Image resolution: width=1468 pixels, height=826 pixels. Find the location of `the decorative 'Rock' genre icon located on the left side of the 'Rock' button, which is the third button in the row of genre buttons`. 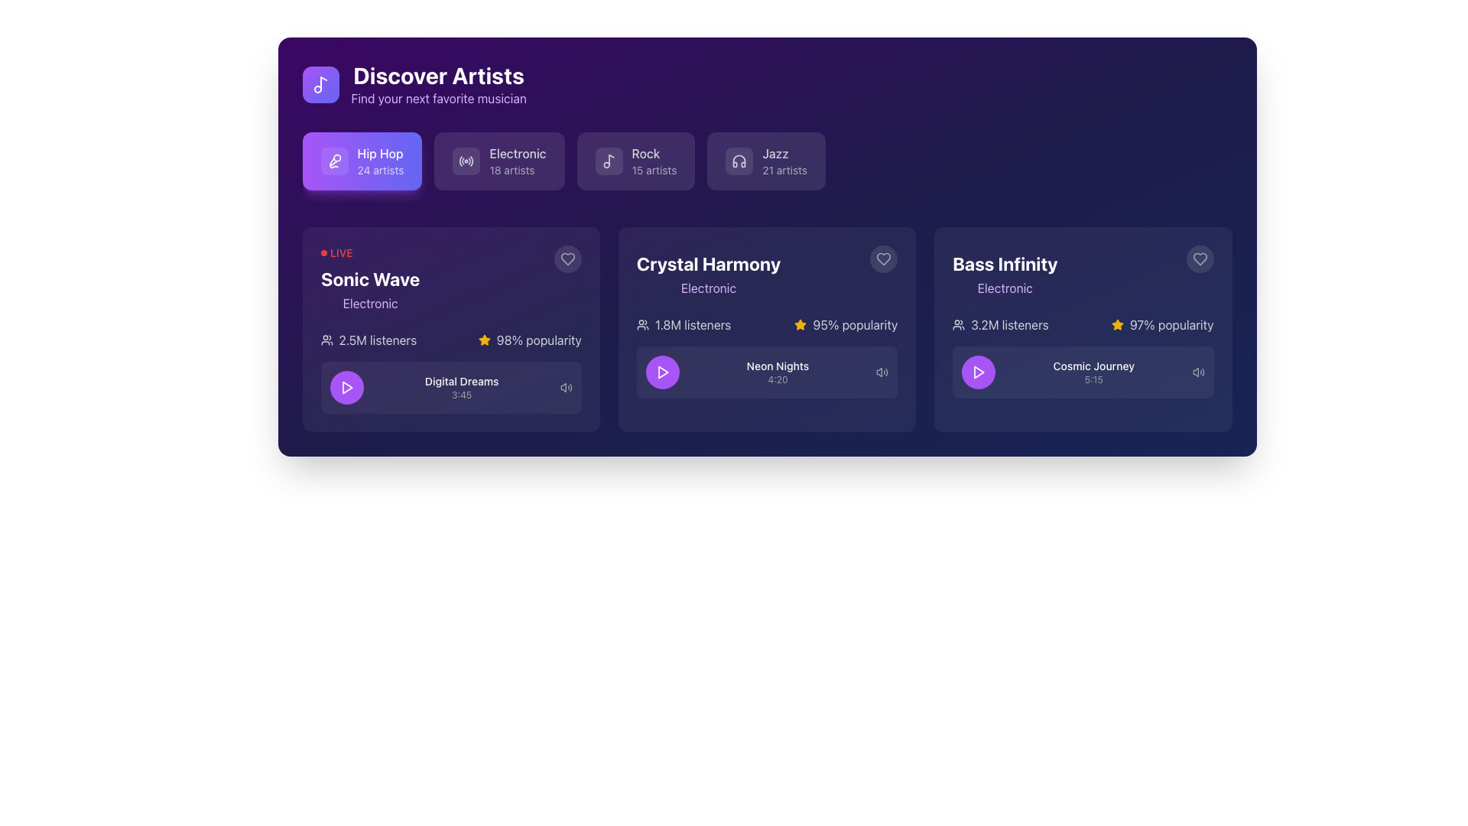

the decorative 'Rock' genre icon located on the left side of the 'Rock' button, which is the third button in the row of genre buttons is located at coordinates (608, 161).